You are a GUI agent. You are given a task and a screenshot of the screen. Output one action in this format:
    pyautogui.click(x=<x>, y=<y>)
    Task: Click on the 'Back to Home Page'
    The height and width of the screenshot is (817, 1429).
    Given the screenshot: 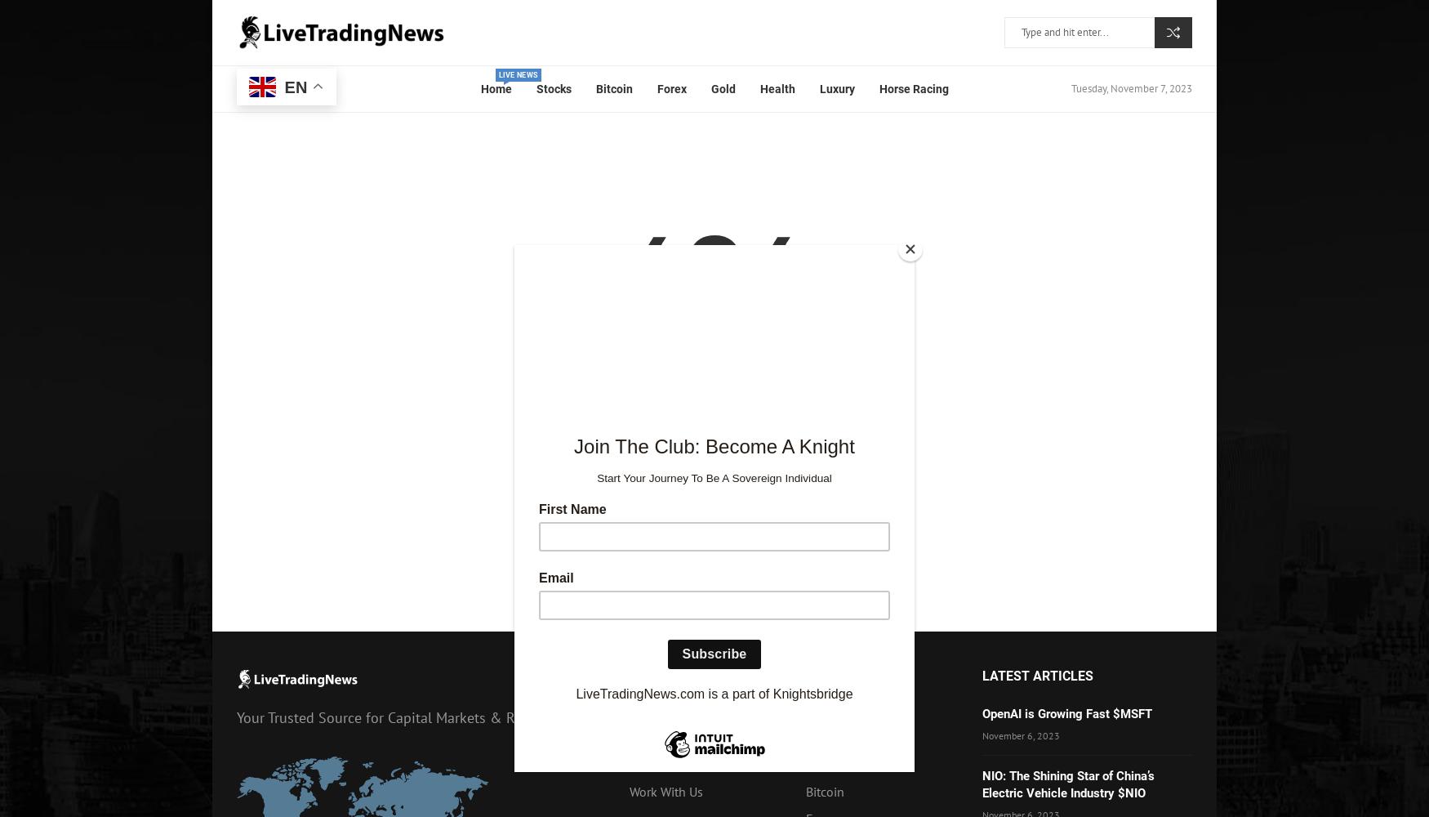 What is the action you would take?
    pyautogui.click(x=714, y=502)
    